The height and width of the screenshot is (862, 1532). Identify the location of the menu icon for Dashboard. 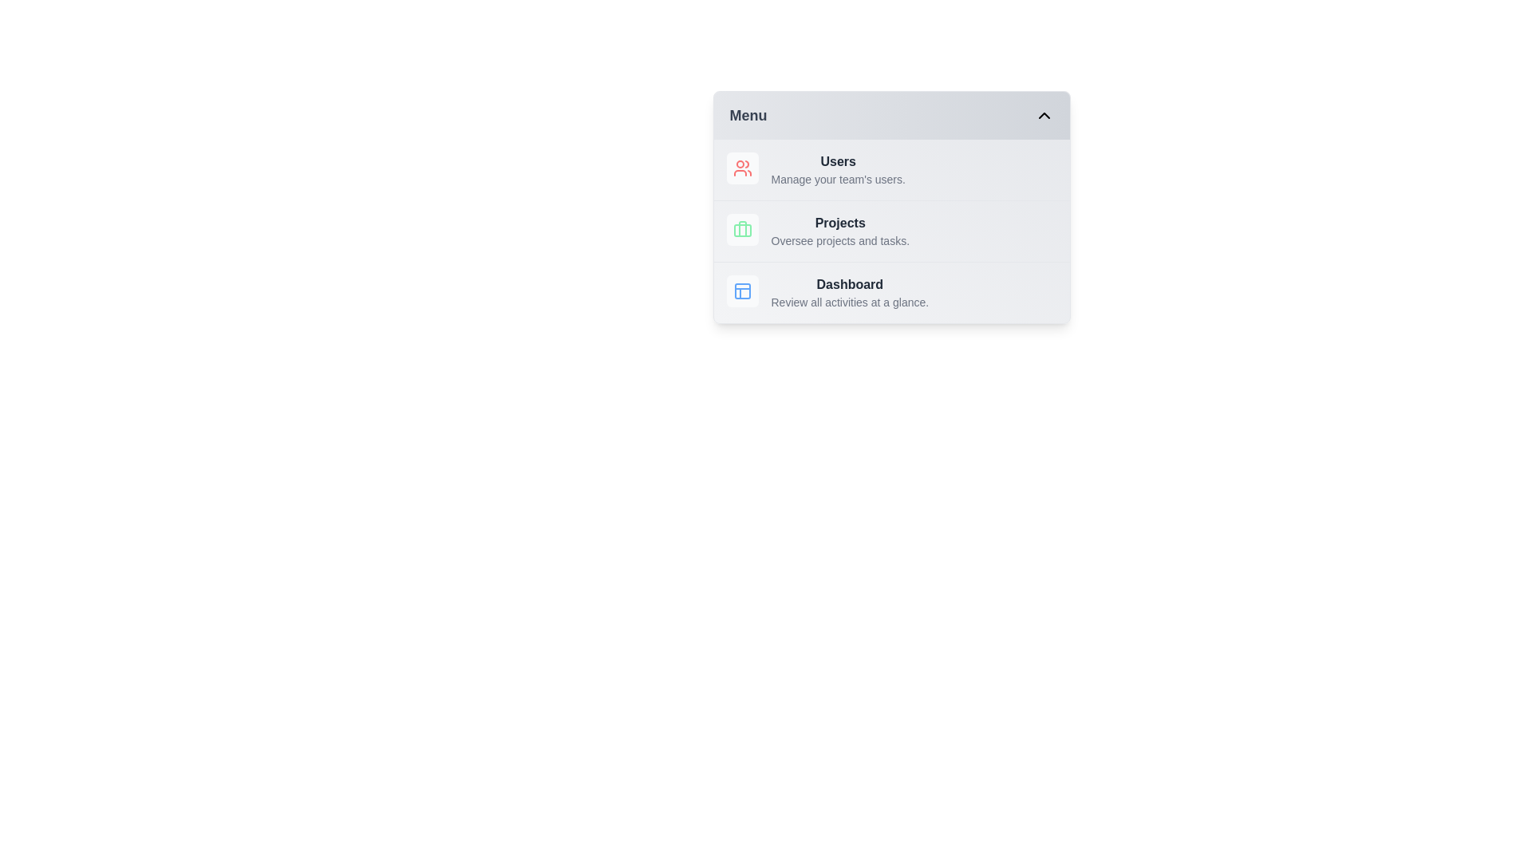
(741, 291).